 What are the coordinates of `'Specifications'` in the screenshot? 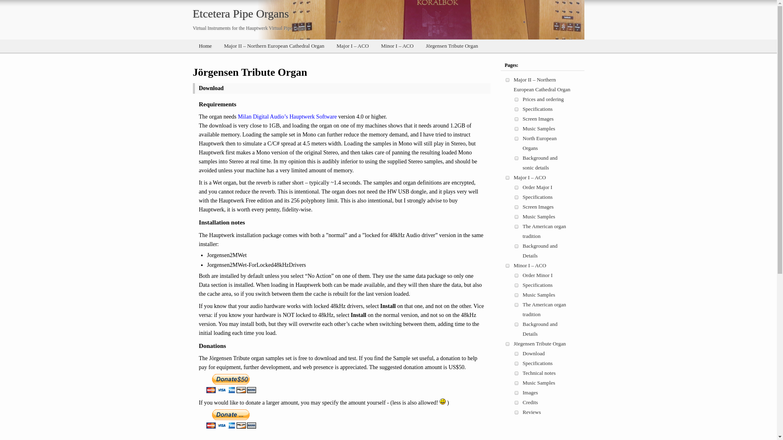 It's located at (538, 197).